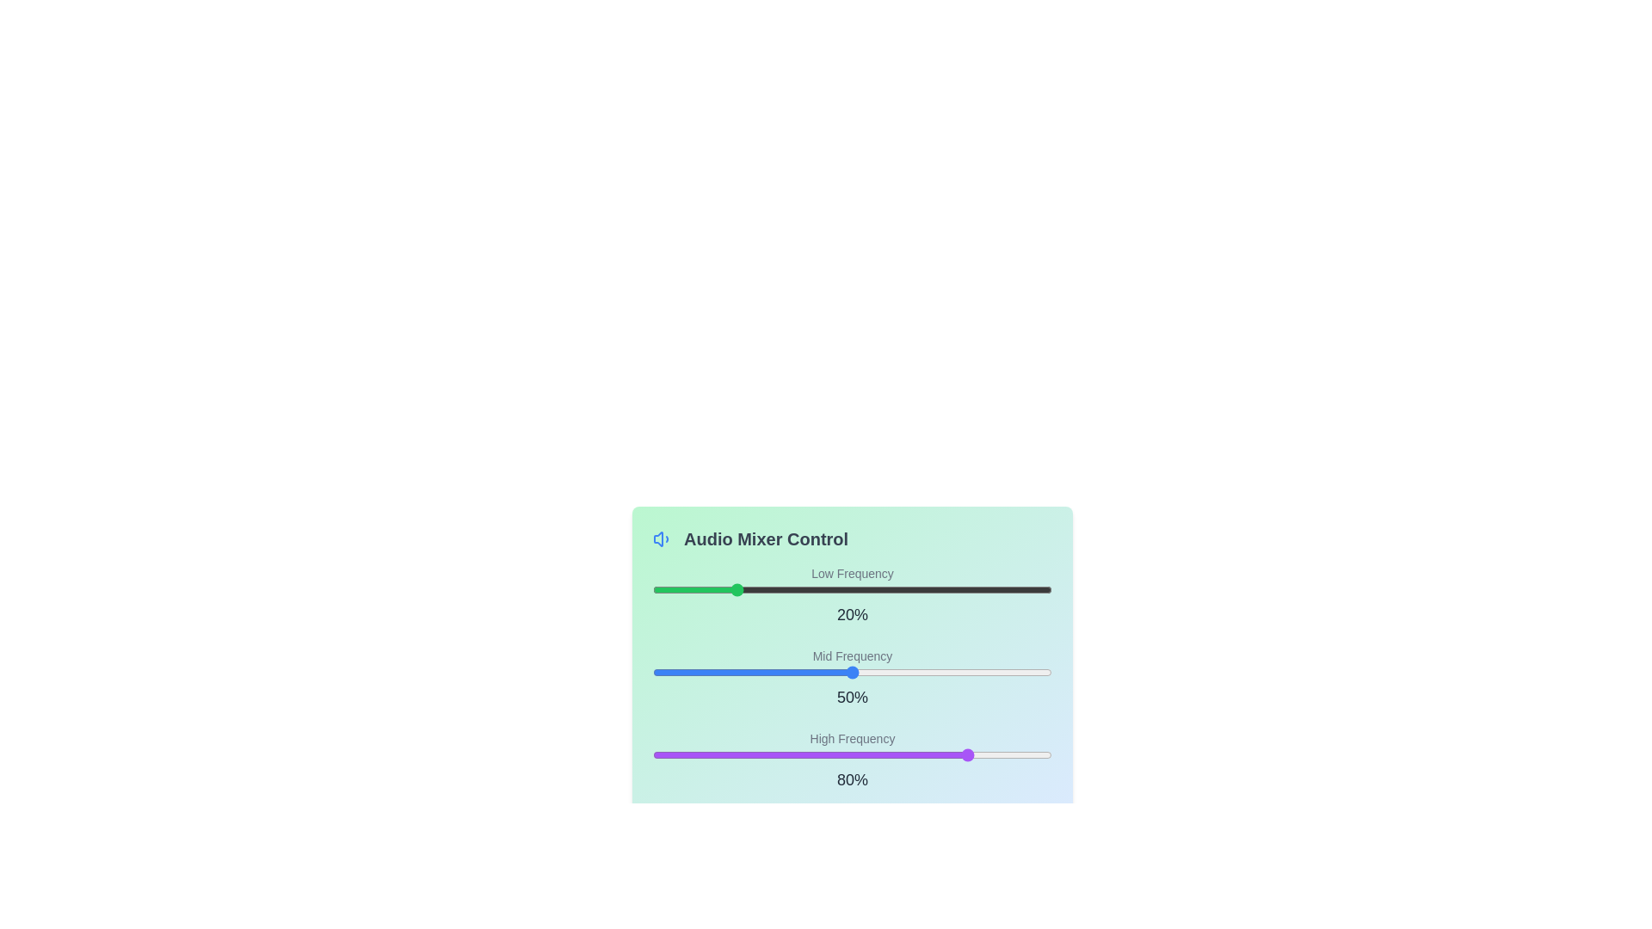 The image size is (1652, 929). What do you see at coordinates (792, 672) in the screenshot?
I see `the 'Mid Frequency' slider` at bounding box center [792, 672].